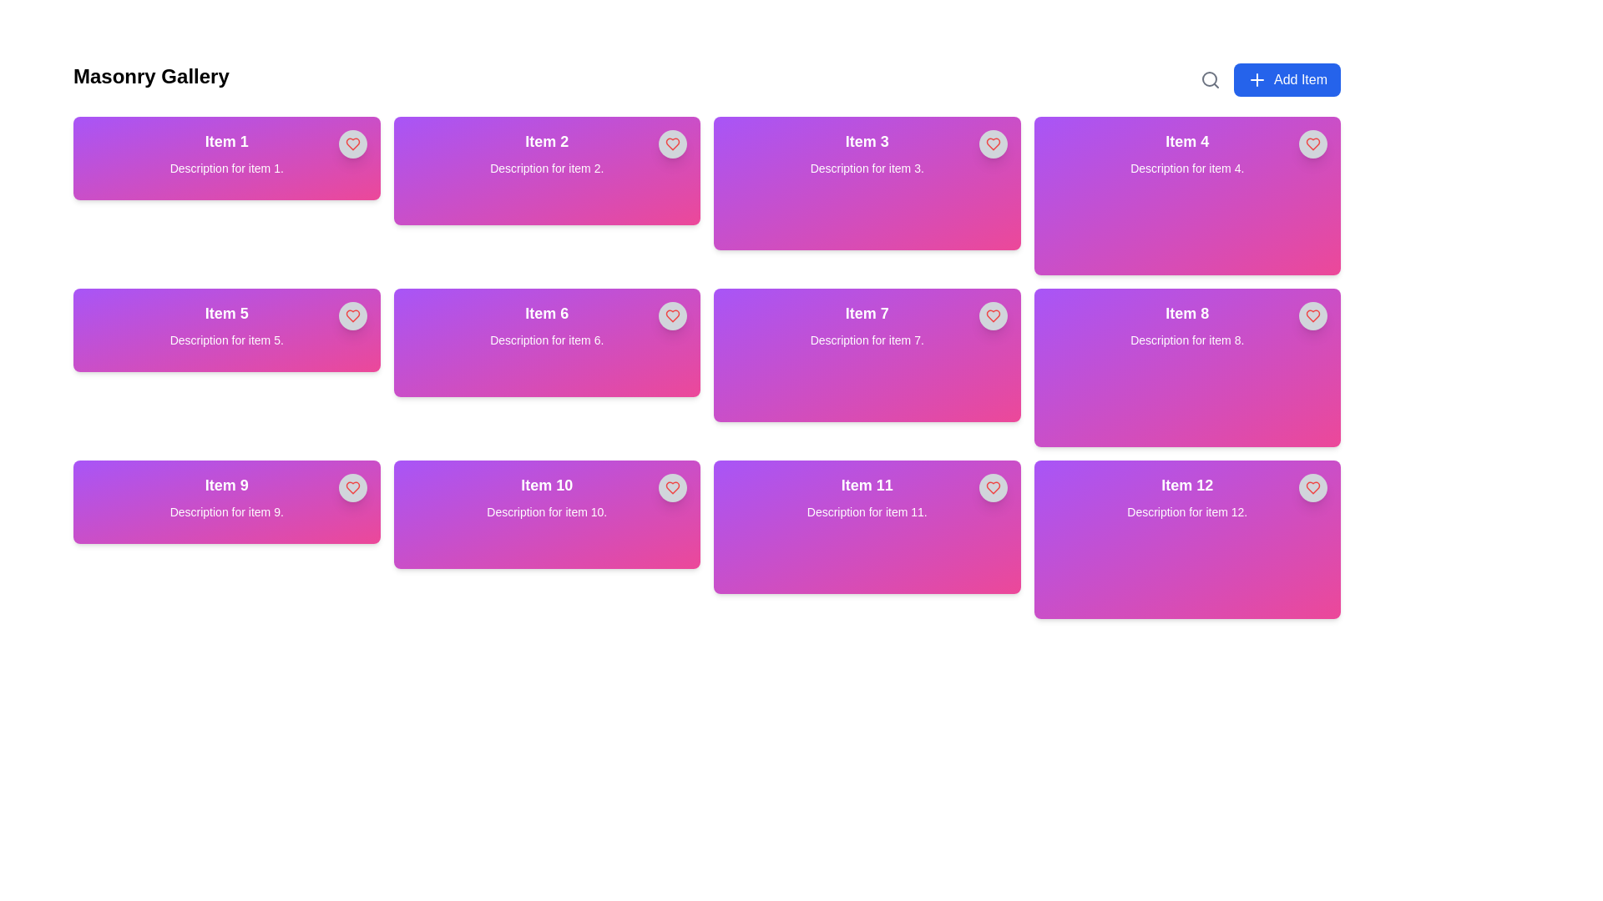 This screenshot has height=901, width=1603. I want to click on the bold text label 'Item 9' which is centered in a card with a gradient background from purple to pink, located in the bottom-left area of the grid layout, so click(225, 486).